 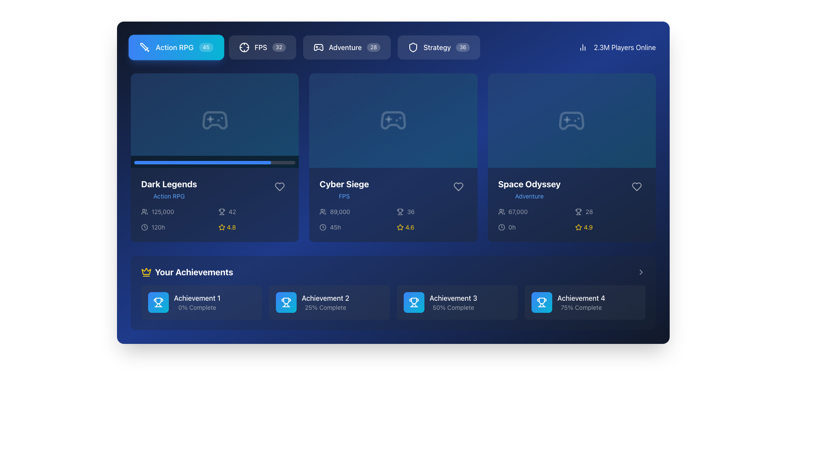 What do you see at coordinates (453, 302) in the screenshot?
I see `the achievement title text 'Achievement 3' which shows the current completion status '50% Complete'` at bounding box center [453, 302].